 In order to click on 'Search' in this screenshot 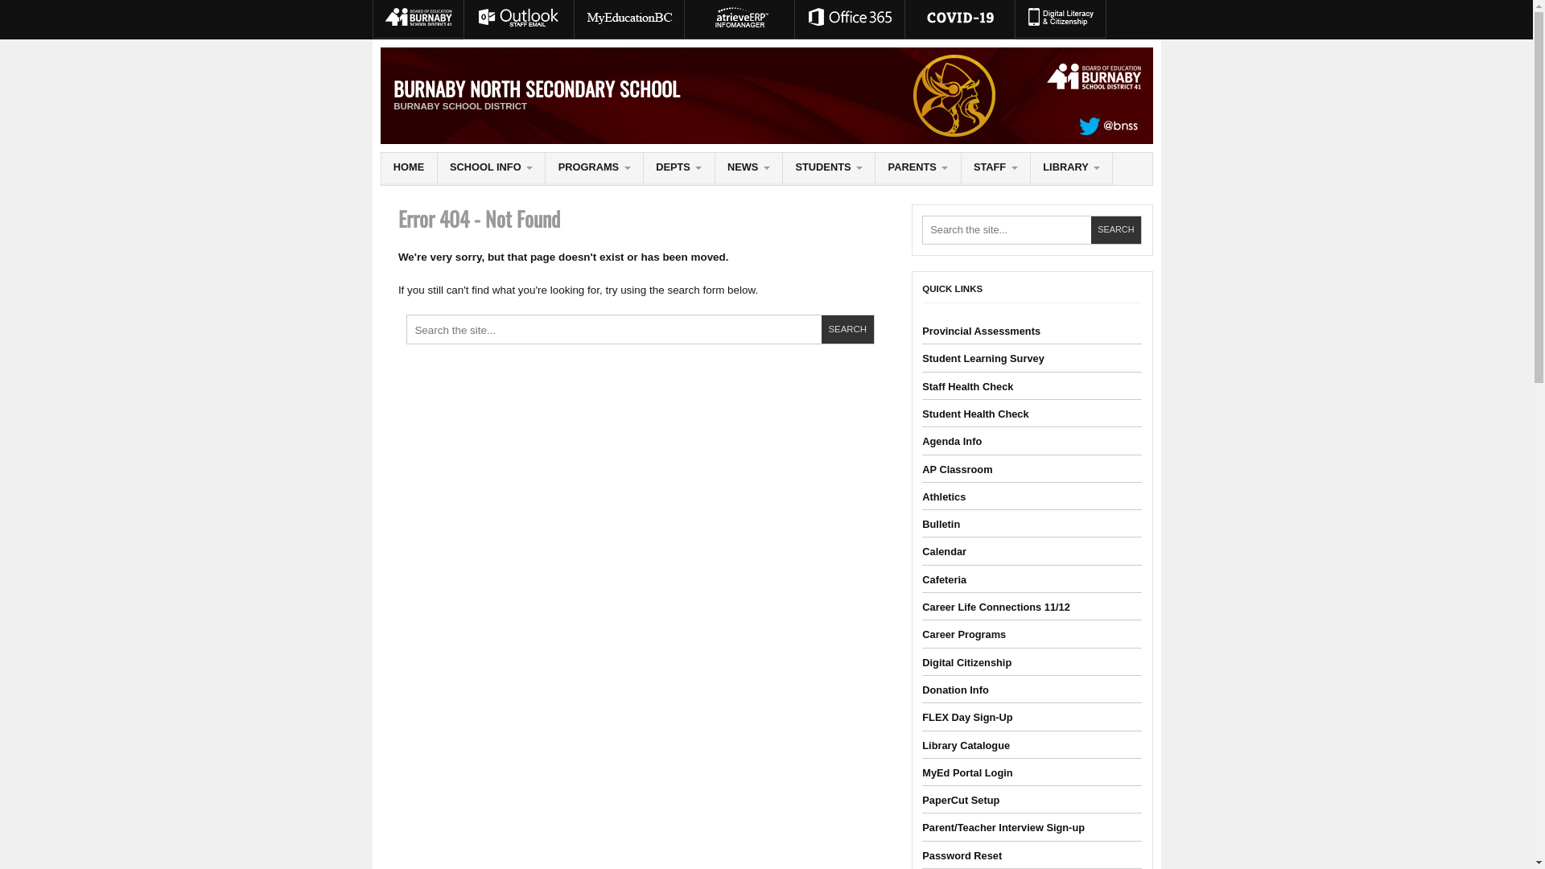, I will do `click(847, 328)`.